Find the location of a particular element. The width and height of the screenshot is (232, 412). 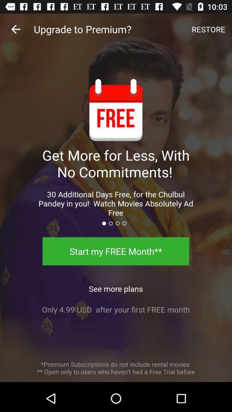

see more plans icon is located at coordinates (116, 286).